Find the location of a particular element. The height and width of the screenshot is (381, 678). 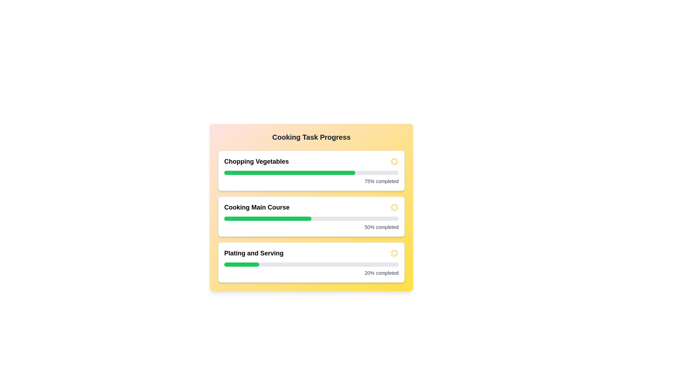

the Progress indicator bar located within the bottom task card labeled 'Plating and Serving', which shows a 20% completion level is located at coordinates (242, 264).